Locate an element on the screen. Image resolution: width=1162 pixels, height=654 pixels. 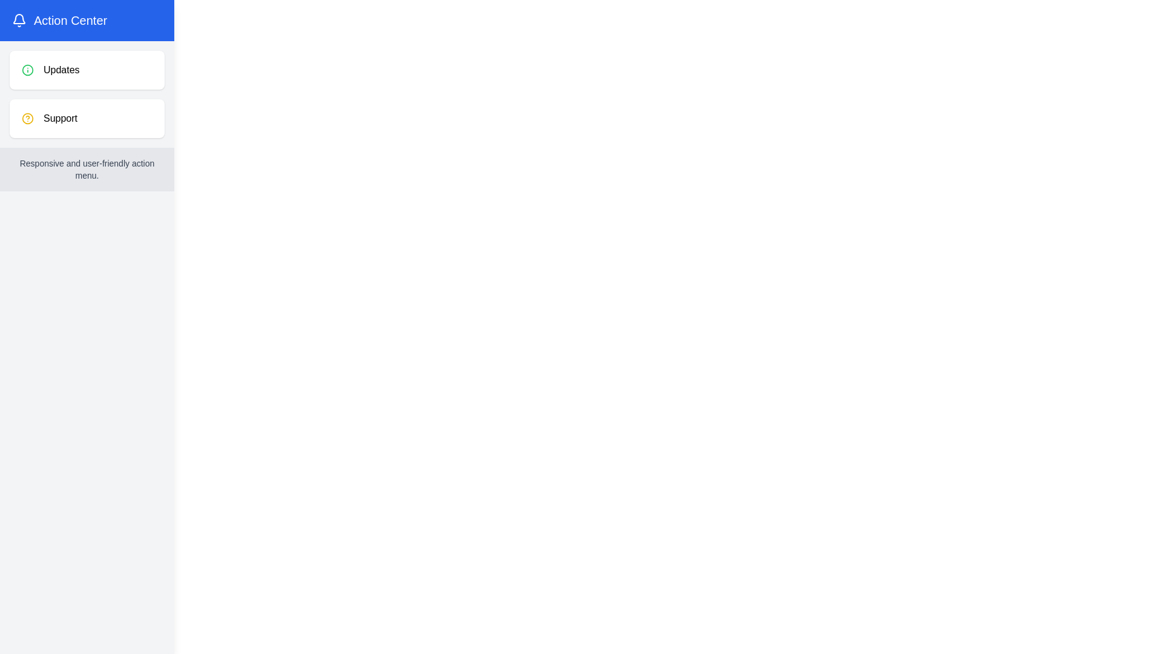
the descriptive text 'Responsive and user-friendly action menu.' is located at coordinates (87, 170).